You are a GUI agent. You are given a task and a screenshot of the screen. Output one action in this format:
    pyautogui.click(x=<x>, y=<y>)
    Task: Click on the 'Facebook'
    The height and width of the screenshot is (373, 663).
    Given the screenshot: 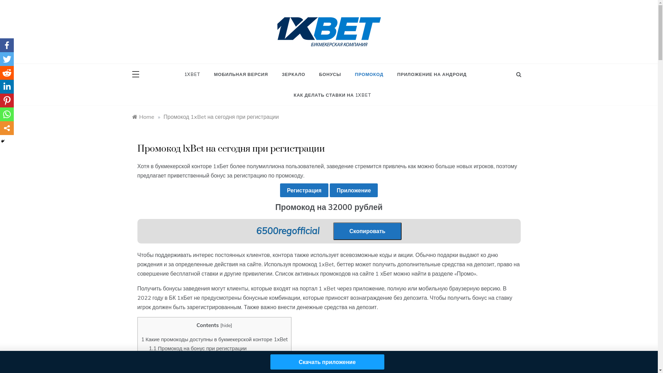 What is the action you would take?
    pyautogui.click(x=7, y=45)
    